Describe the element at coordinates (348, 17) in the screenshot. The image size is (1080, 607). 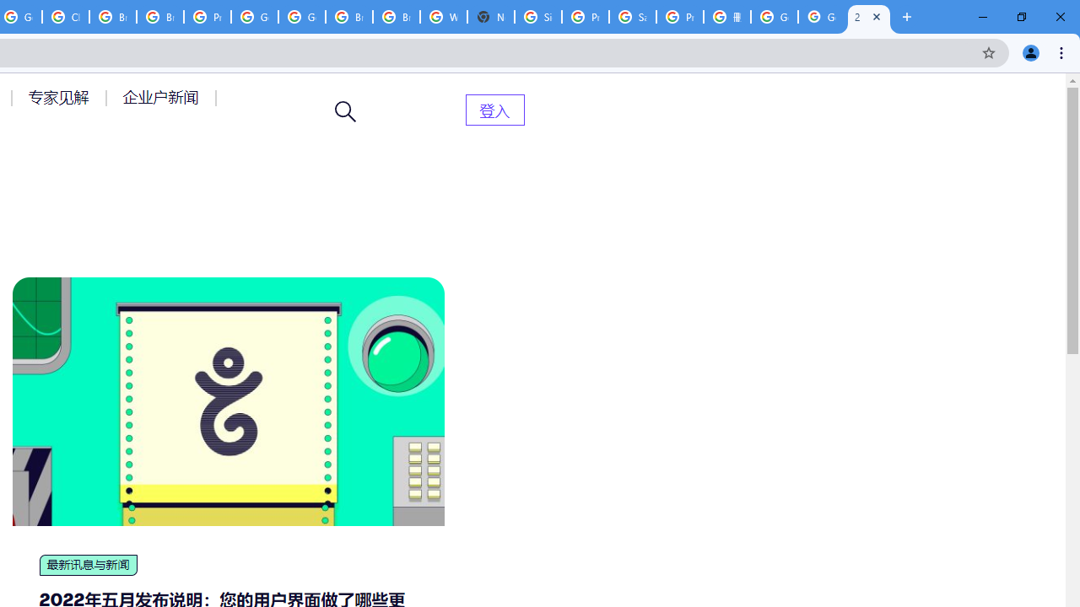
I see `'Browse Chrome as a guest - Computer - Google Chrome Help'` at that location.